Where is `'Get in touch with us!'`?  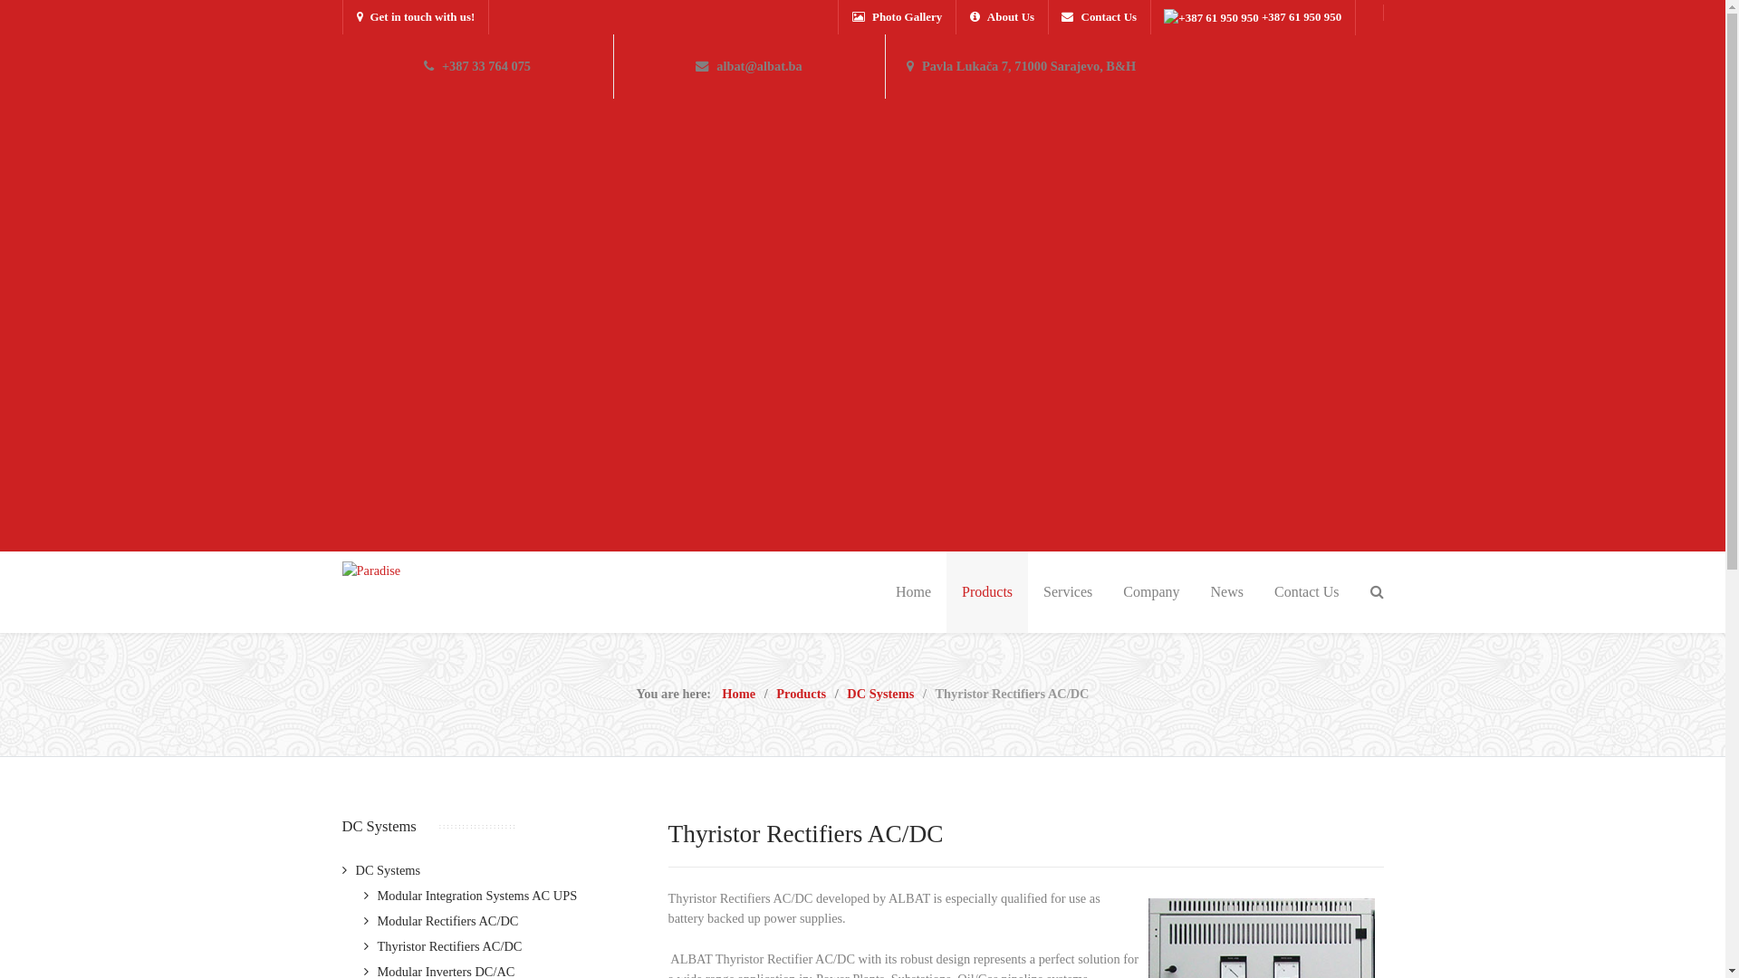
'Get in touch with us!' is located at coordinates (415, 17).